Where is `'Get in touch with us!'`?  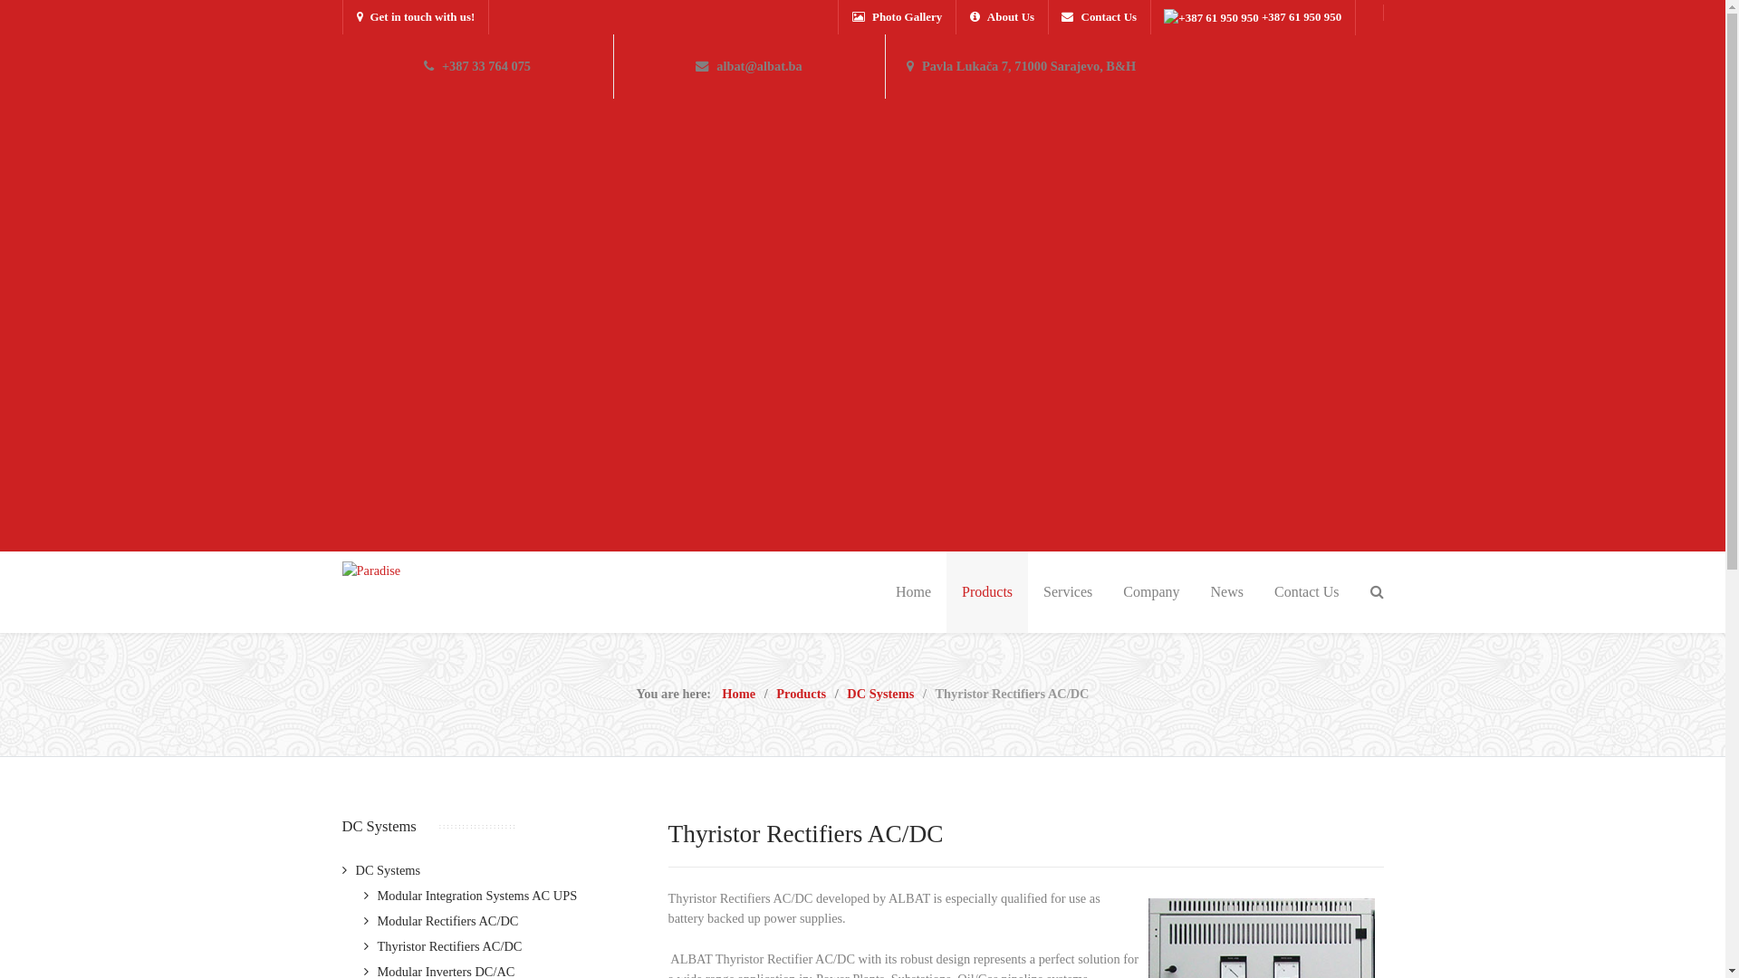
'Get in touch with us!' is located at coordinates (415, 17).